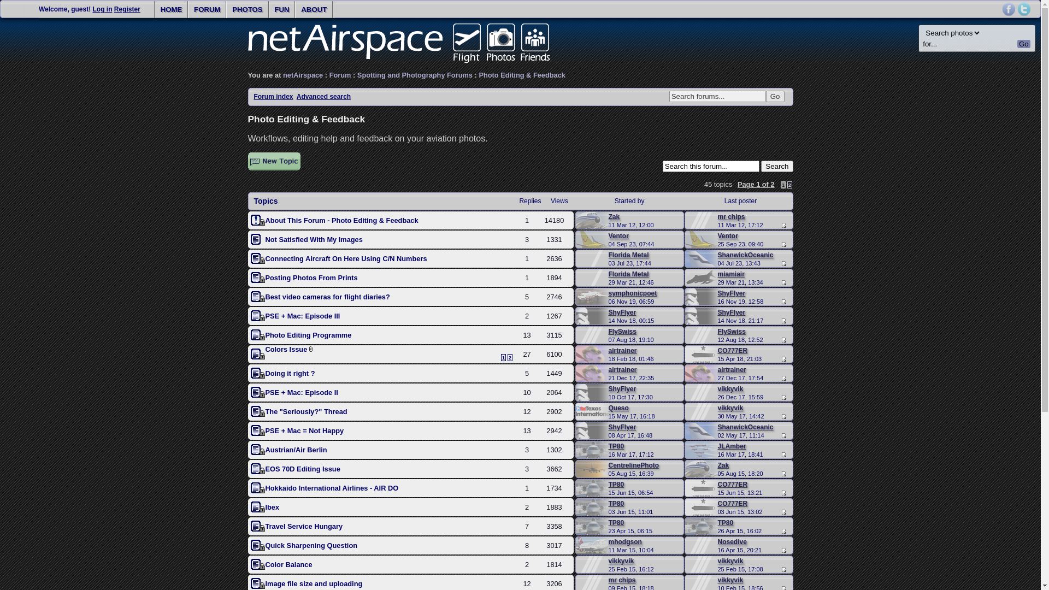  What do you see at coordinates (782, 569) in the screenshot?
I see `'View the latest post'` at bounding box center [782, 569].